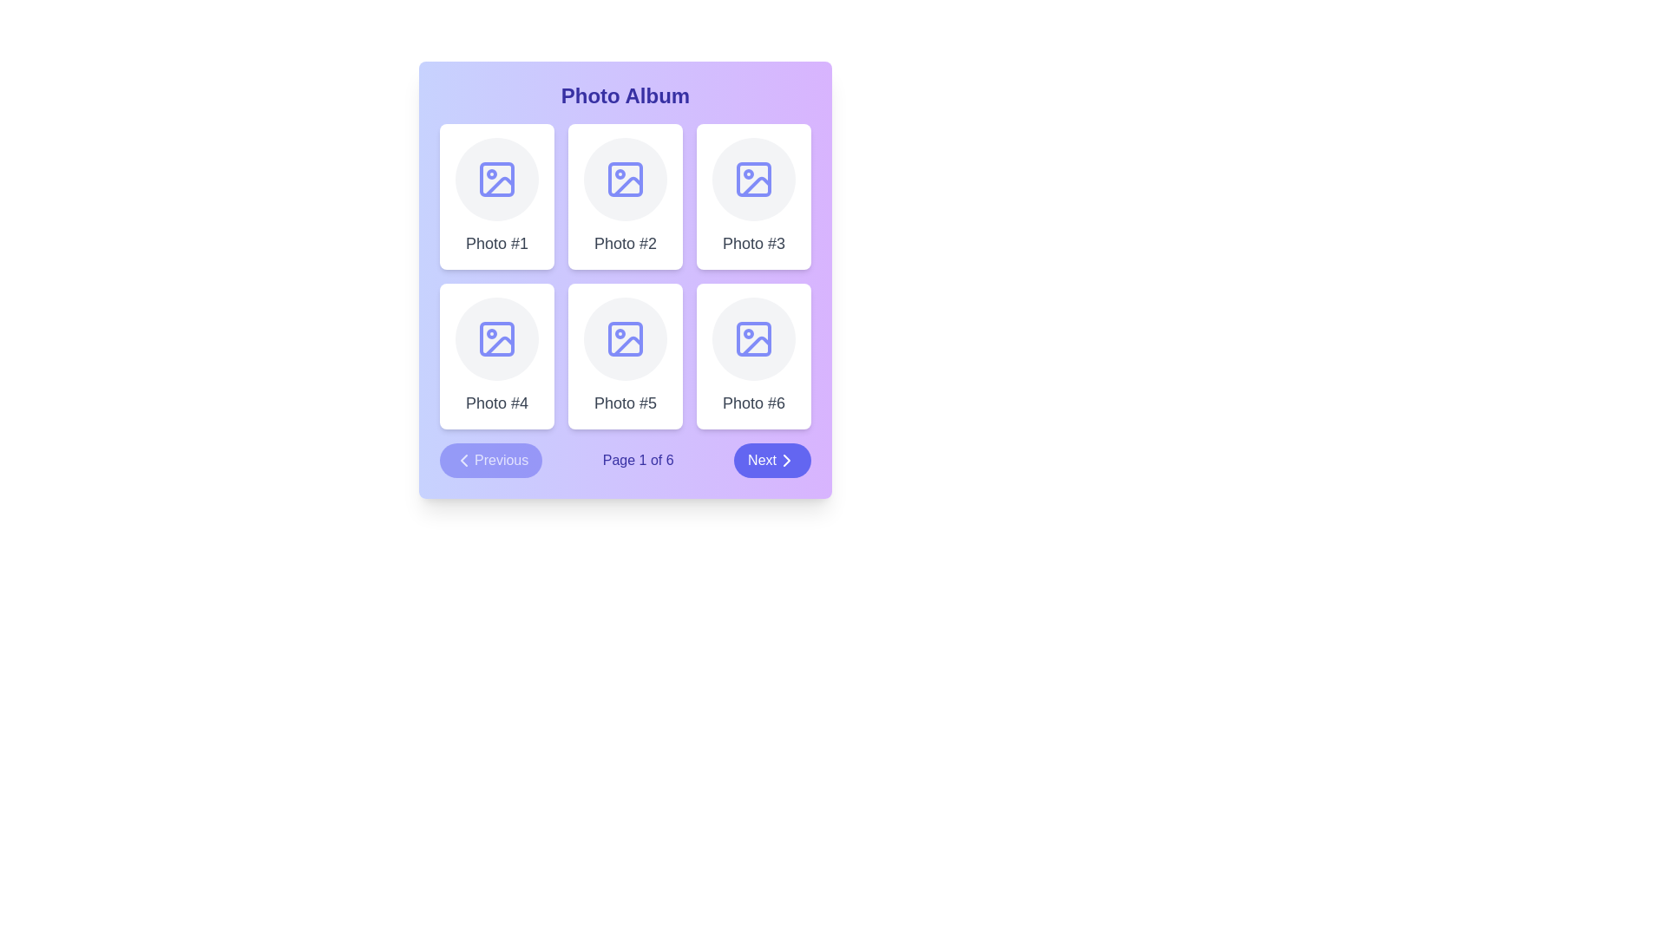  What do you see at coordinates (753, 338) in the screenshot?
I see `the graphical representation of the photo frame located in the sixth position of a 2x3 grid layout, specifically in the bottom-right corner` at bounding box center [753, 338].